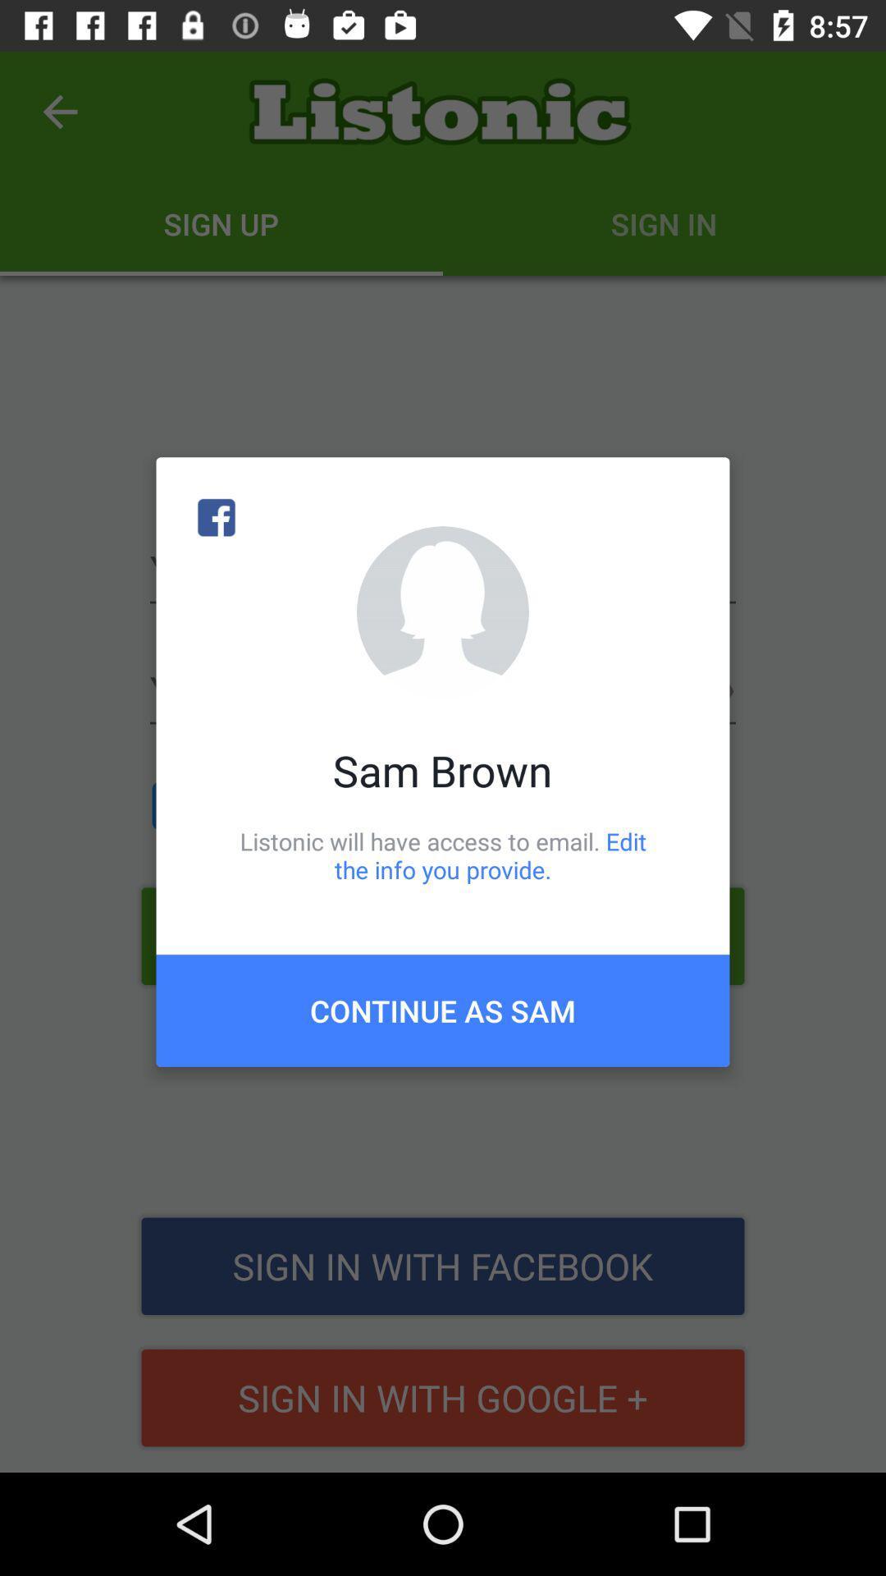 This screenshot has width=886, height=1576. I want to click on the item below sam brown item, so click(443, 854).